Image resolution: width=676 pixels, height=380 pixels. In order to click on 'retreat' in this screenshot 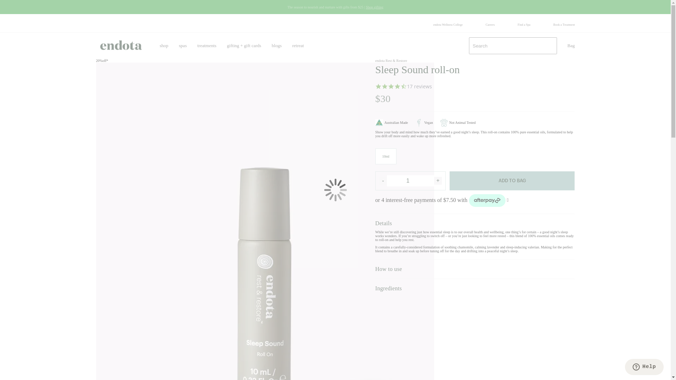, I will do `click(298, 46)`.